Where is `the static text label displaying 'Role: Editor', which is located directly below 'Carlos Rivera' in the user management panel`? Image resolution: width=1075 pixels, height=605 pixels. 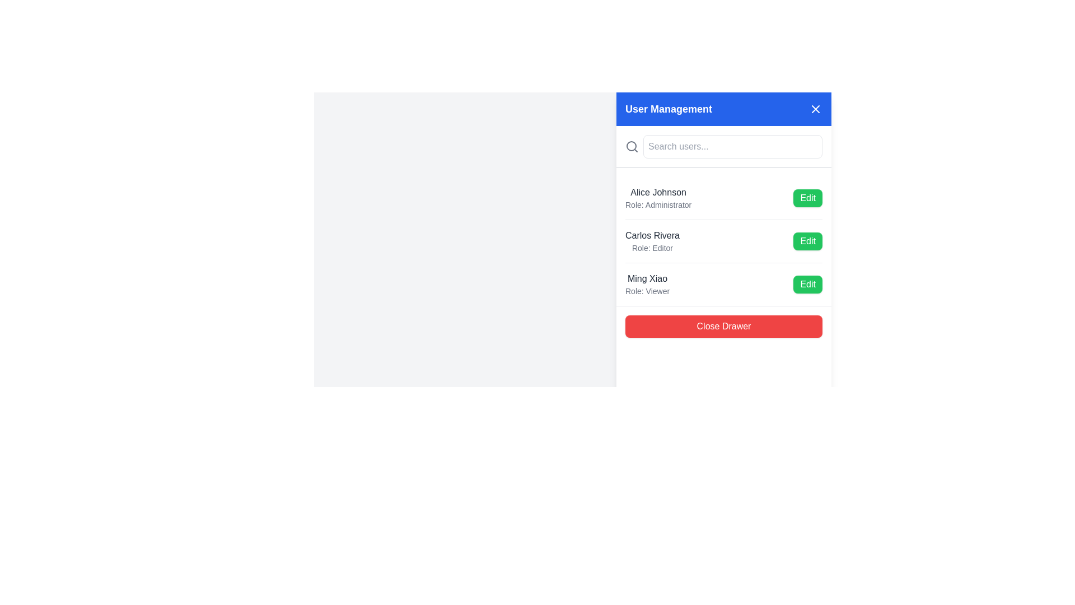 the static text label displaying 'Role: Editor', which is located directly below 'Carlos Rivera' in the user management panel is located at coordinates (652, 248).